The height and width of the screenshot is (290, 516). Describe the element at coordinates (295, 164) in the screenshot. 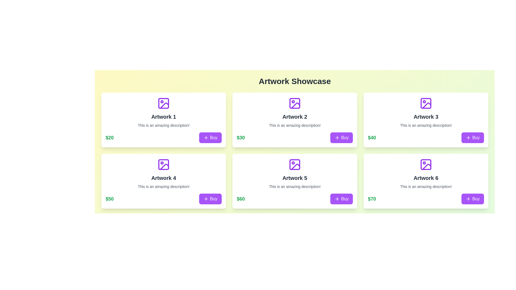

I see `the decorative graphical element within the icon on the card labeled 'Artwork 5' located in the rightmost column of the middle row` at that location.